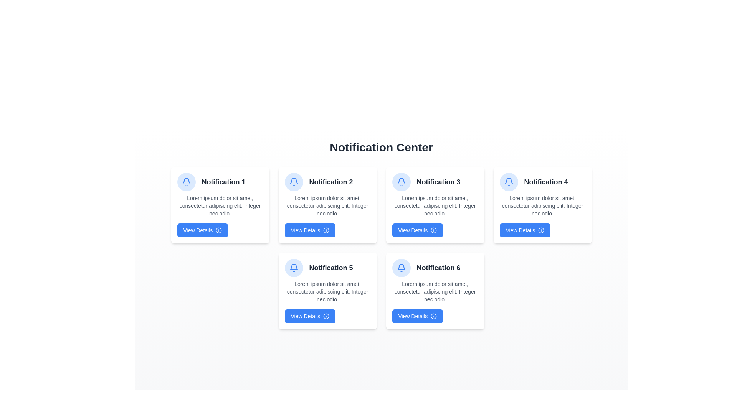 The image size is (737, 414). Describe the element at coordinates (541, 230) in the screenshot. I see `the informational icon within the 'View Details' button of the 'Notification 4' card located in the second row, second column of the grid layout` at that location.